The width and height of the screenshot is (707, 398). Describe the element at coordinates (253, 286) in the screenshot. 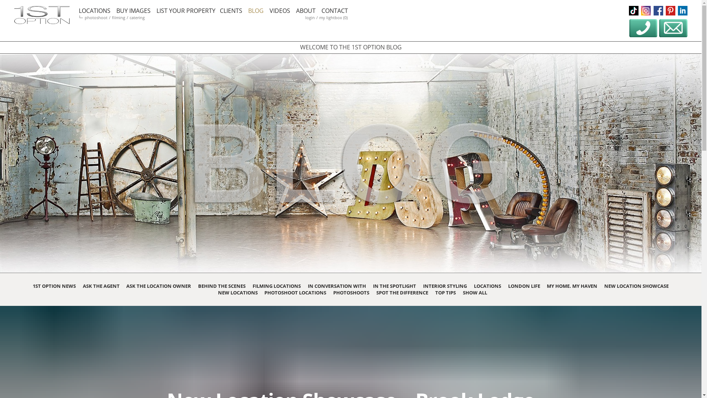

I see `'FILMING LOCATIONS'` at that location.